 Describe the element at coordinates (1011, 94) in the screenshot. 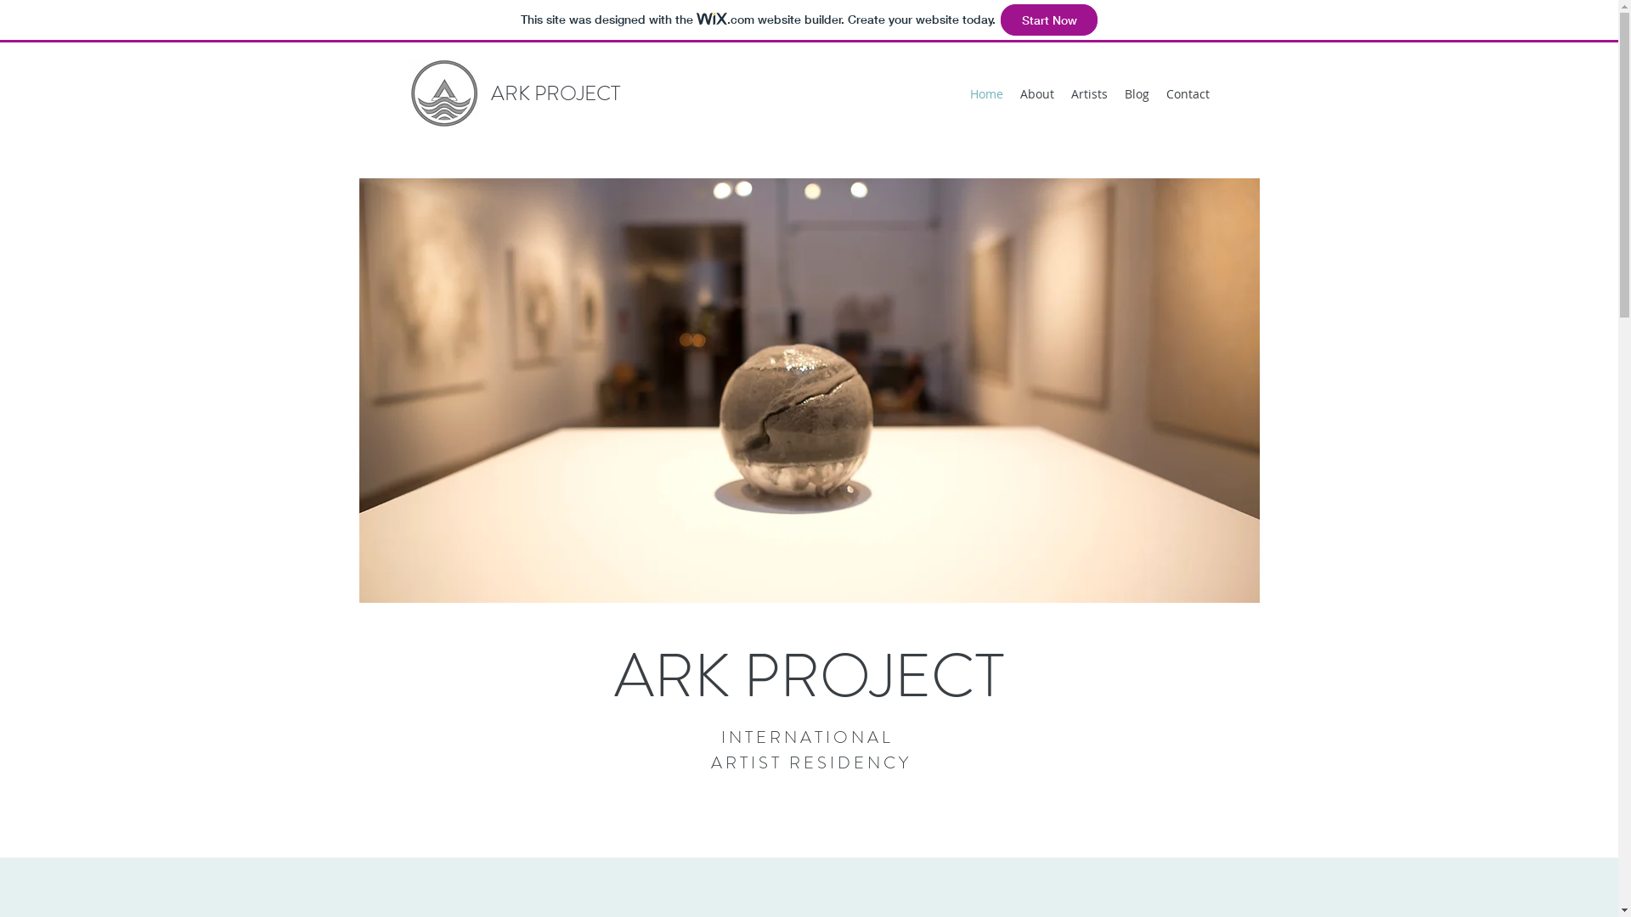

I see `'About'` at that location.